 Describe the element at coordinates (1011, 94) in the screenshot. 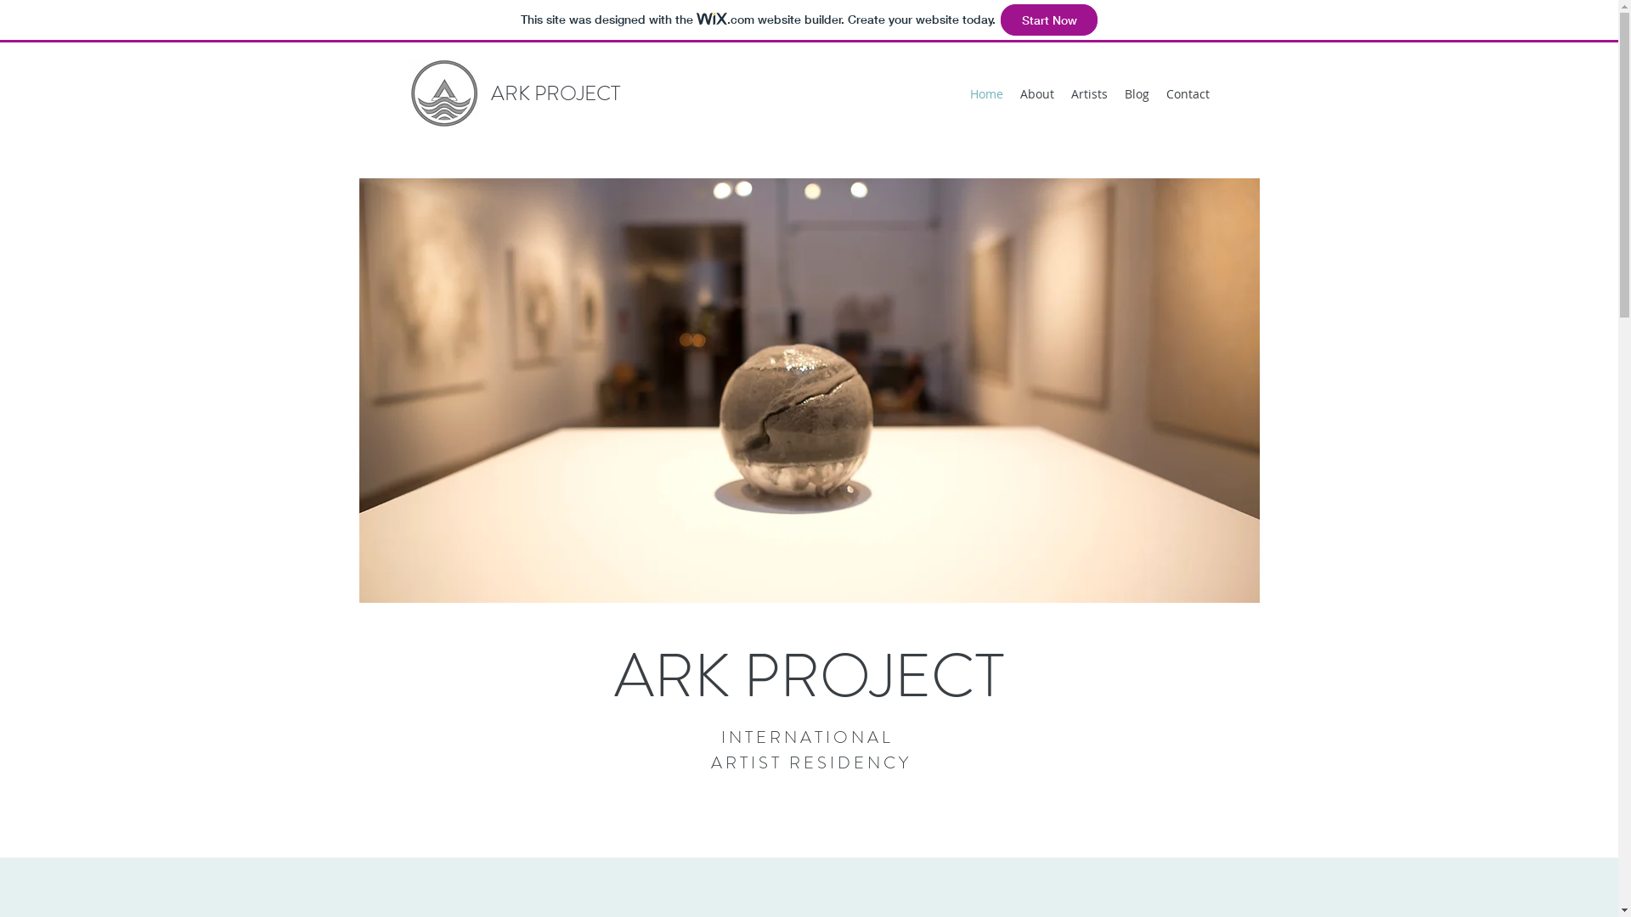

I see `'About'` at that location.